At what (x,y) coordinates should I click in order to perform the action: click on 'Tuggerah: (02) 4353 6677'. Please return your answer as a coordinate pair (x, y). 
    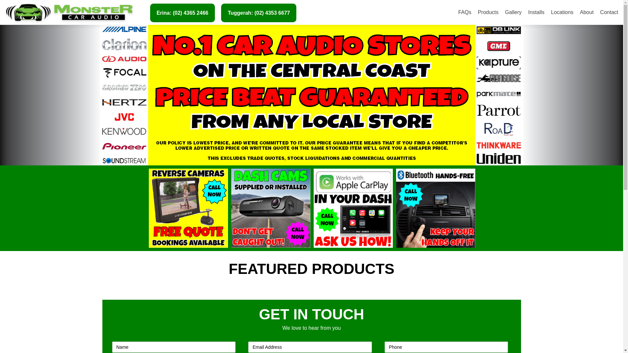
    Looking at the image, I should click on (258, 13).